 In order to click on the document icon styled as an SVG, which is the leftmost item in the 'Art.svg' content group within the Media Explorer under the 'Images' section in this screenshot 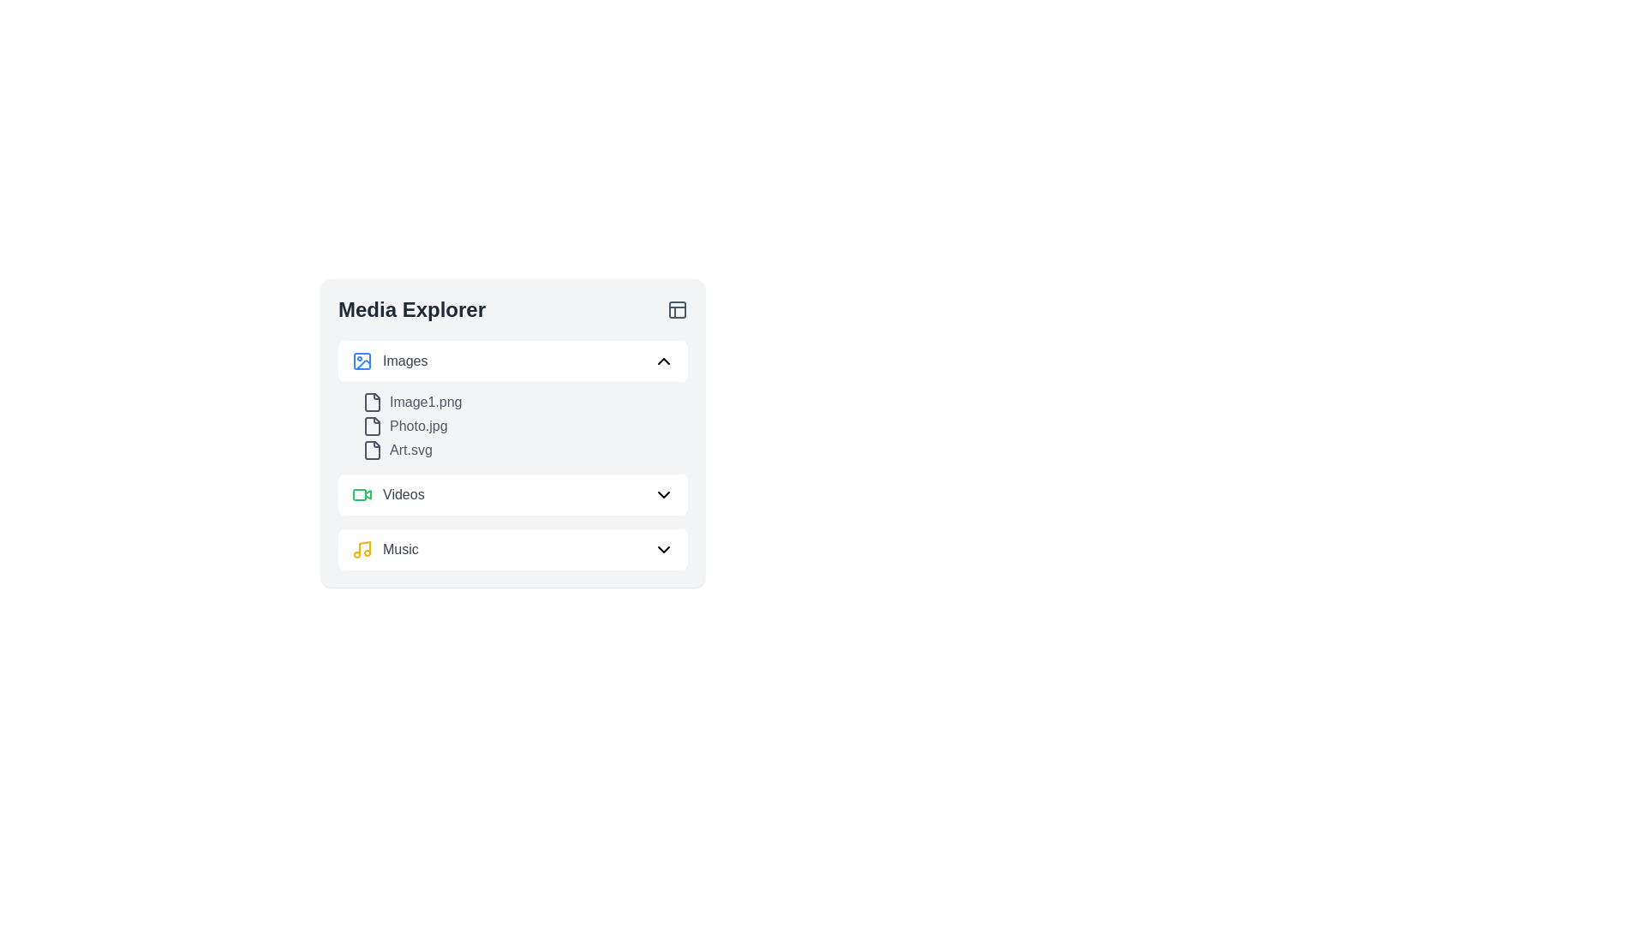, I will do `click(372, 449)`.